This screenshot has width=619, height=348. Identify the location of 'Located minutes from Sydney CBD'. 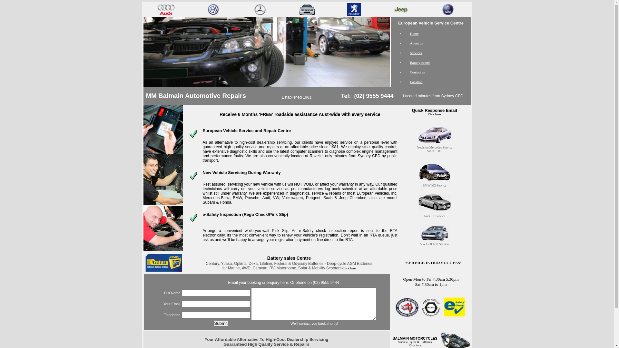
(433, 96).